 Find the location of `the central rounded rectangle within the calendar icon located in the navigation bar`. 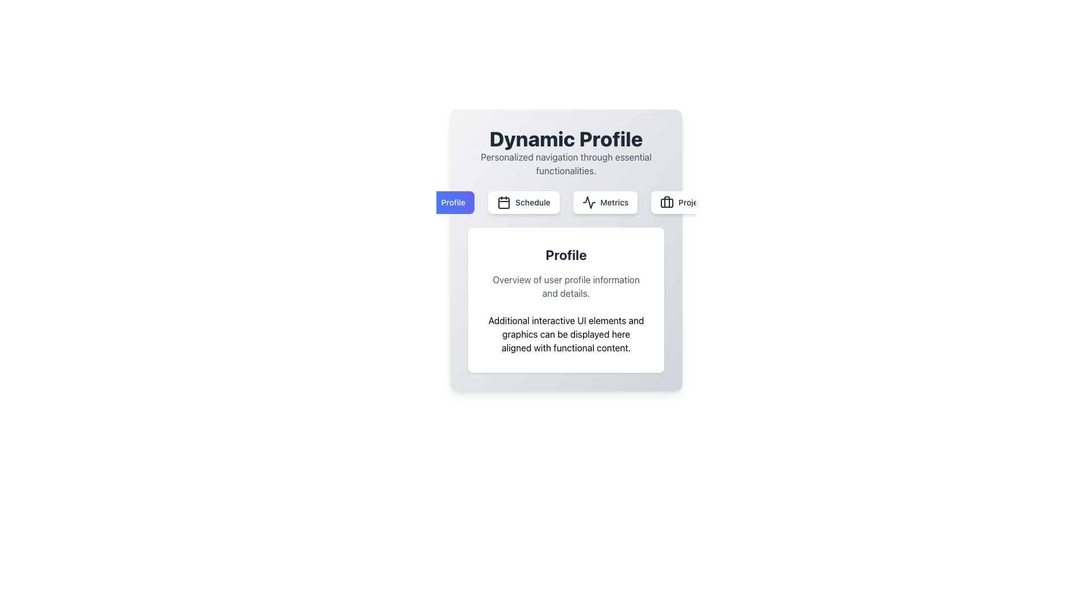

the central rounded rectangle within the calendar icon located in the navigation bar is located at coordinates (503, 203).